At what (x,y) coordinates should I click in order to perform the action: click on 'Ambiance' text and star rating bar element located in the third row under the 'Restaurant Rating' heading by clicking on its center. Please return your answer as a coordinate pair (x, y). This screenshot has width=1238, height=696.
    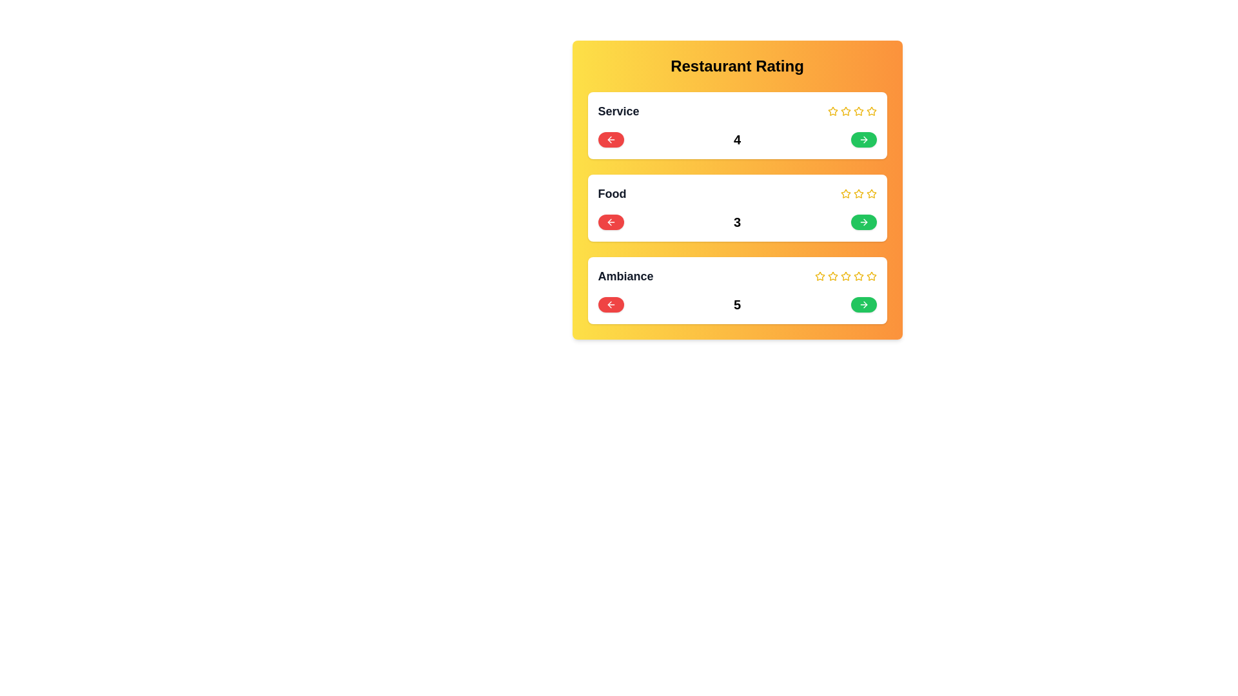
    Looking at the image, I should click on (737, 275).